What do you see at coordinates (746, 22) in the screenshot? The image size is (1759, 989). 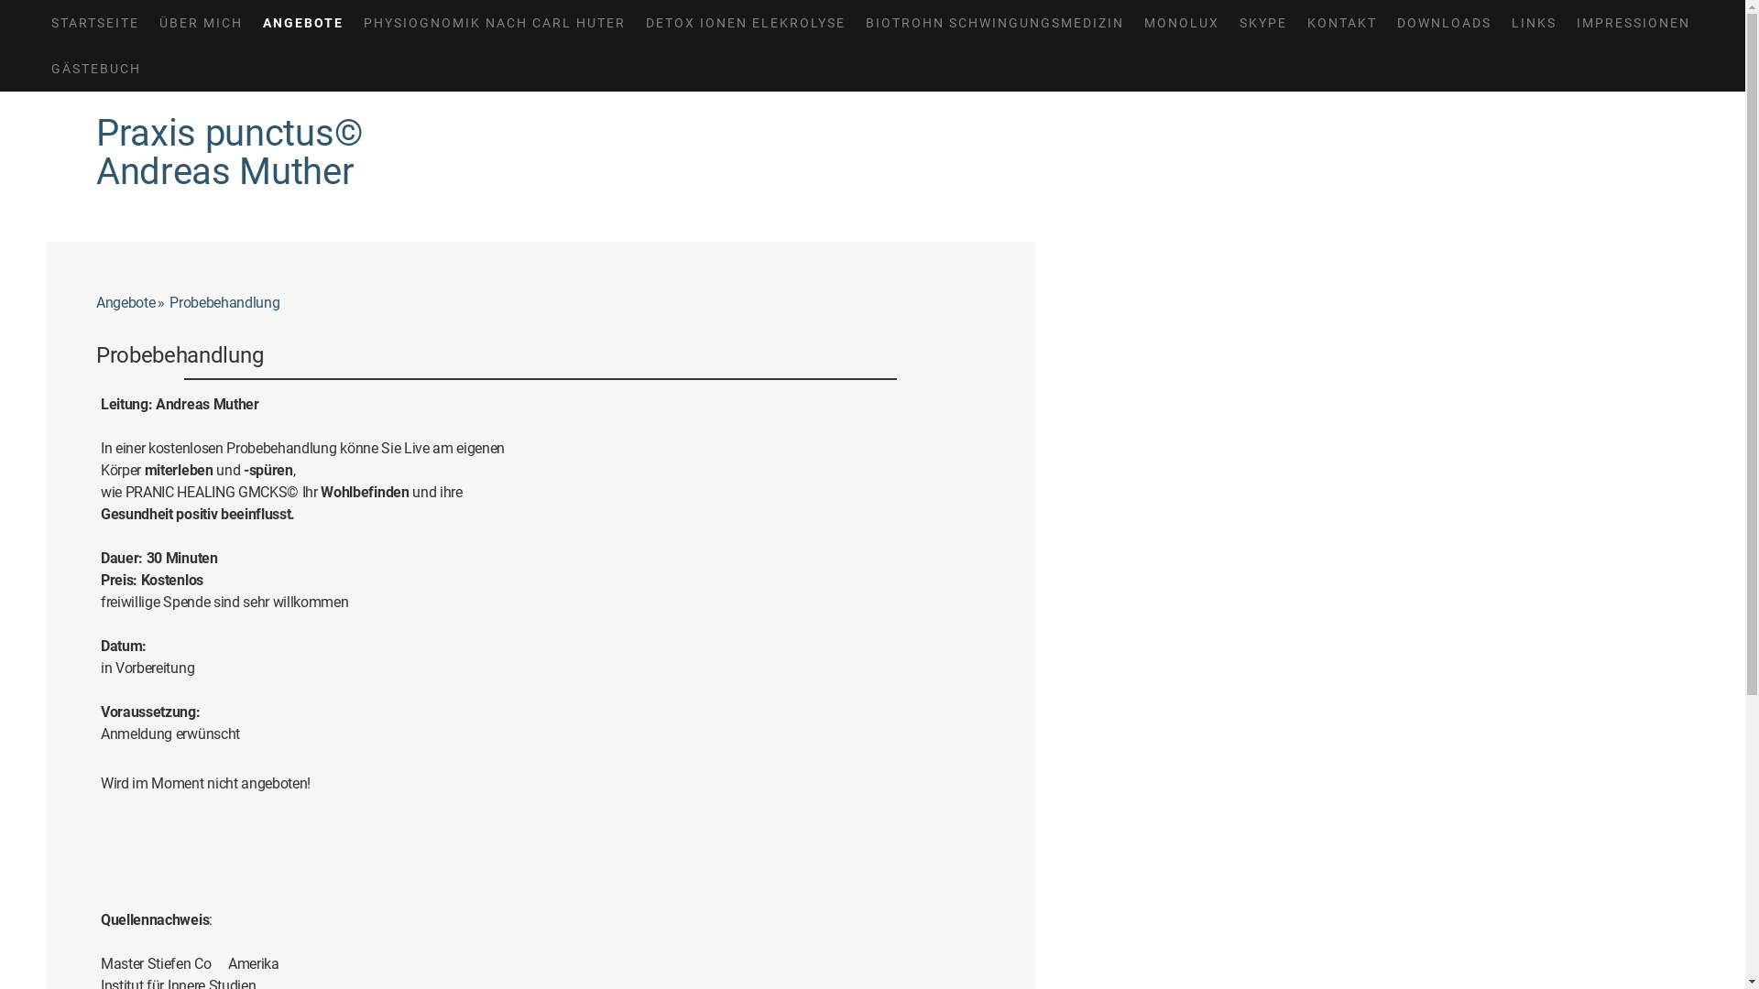 I see `'DETOX IONEN ELEKROLYSE'` at bounding box center [746, 22].